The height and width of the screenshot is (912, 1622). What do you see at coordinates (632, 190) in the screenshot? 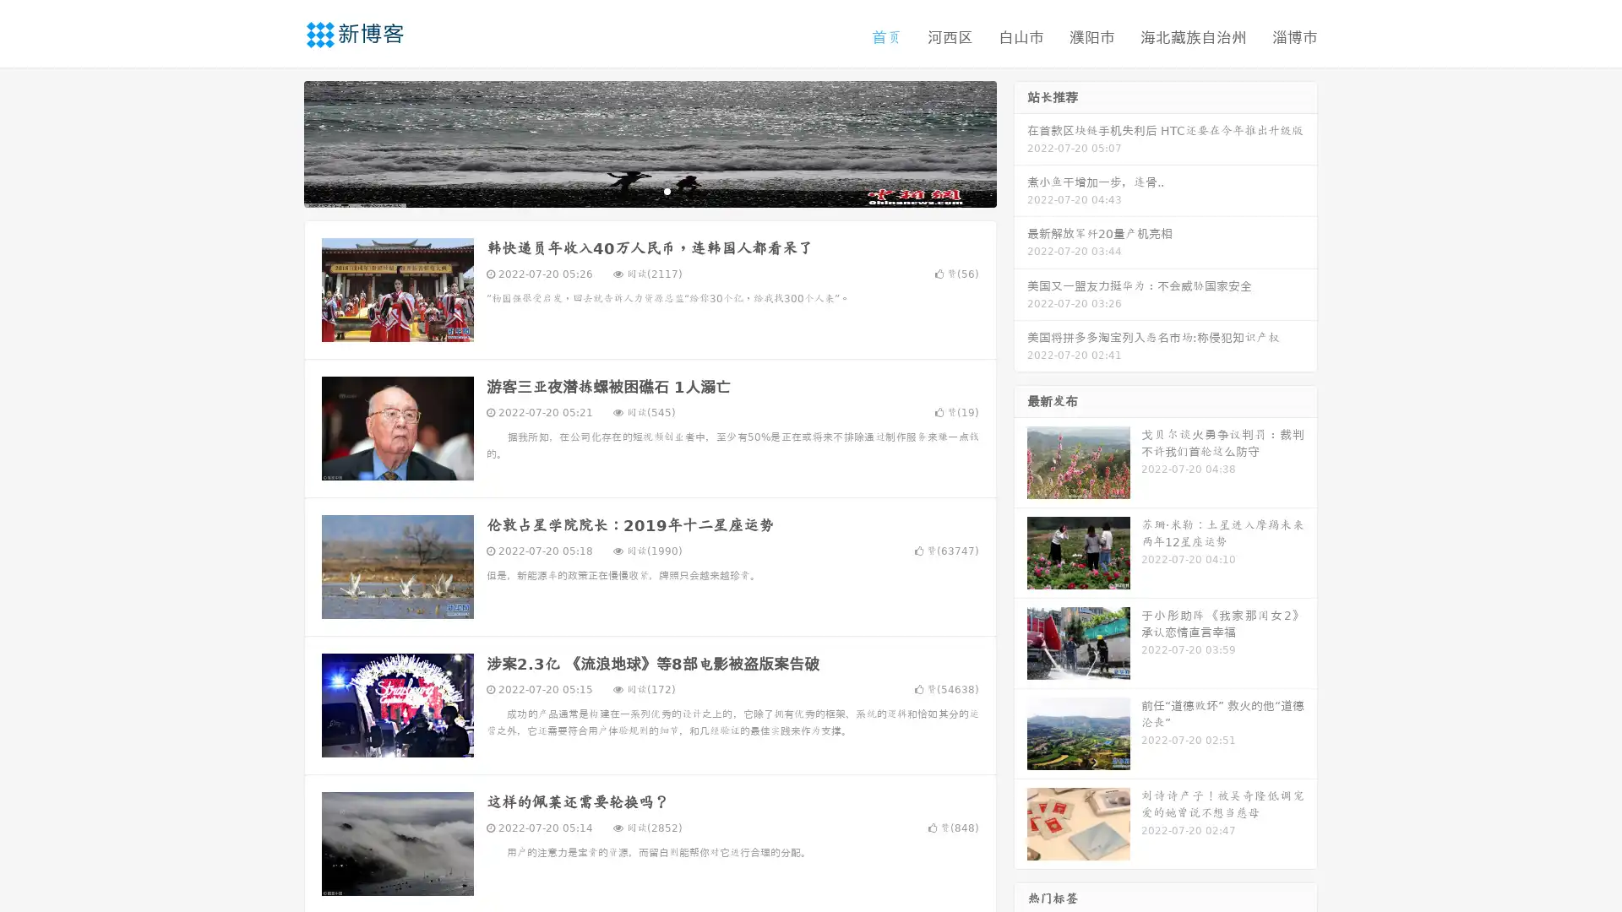
I see `Go to slide 1` at bounding box center [632, 190].